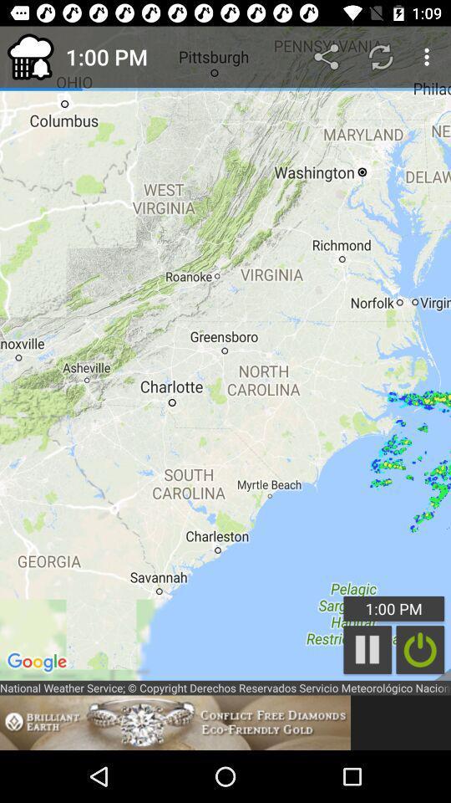 The image size is (451, 803). Describe the element at coordinates (367, 649) in the screenshot. I see `click pause button` at that location.